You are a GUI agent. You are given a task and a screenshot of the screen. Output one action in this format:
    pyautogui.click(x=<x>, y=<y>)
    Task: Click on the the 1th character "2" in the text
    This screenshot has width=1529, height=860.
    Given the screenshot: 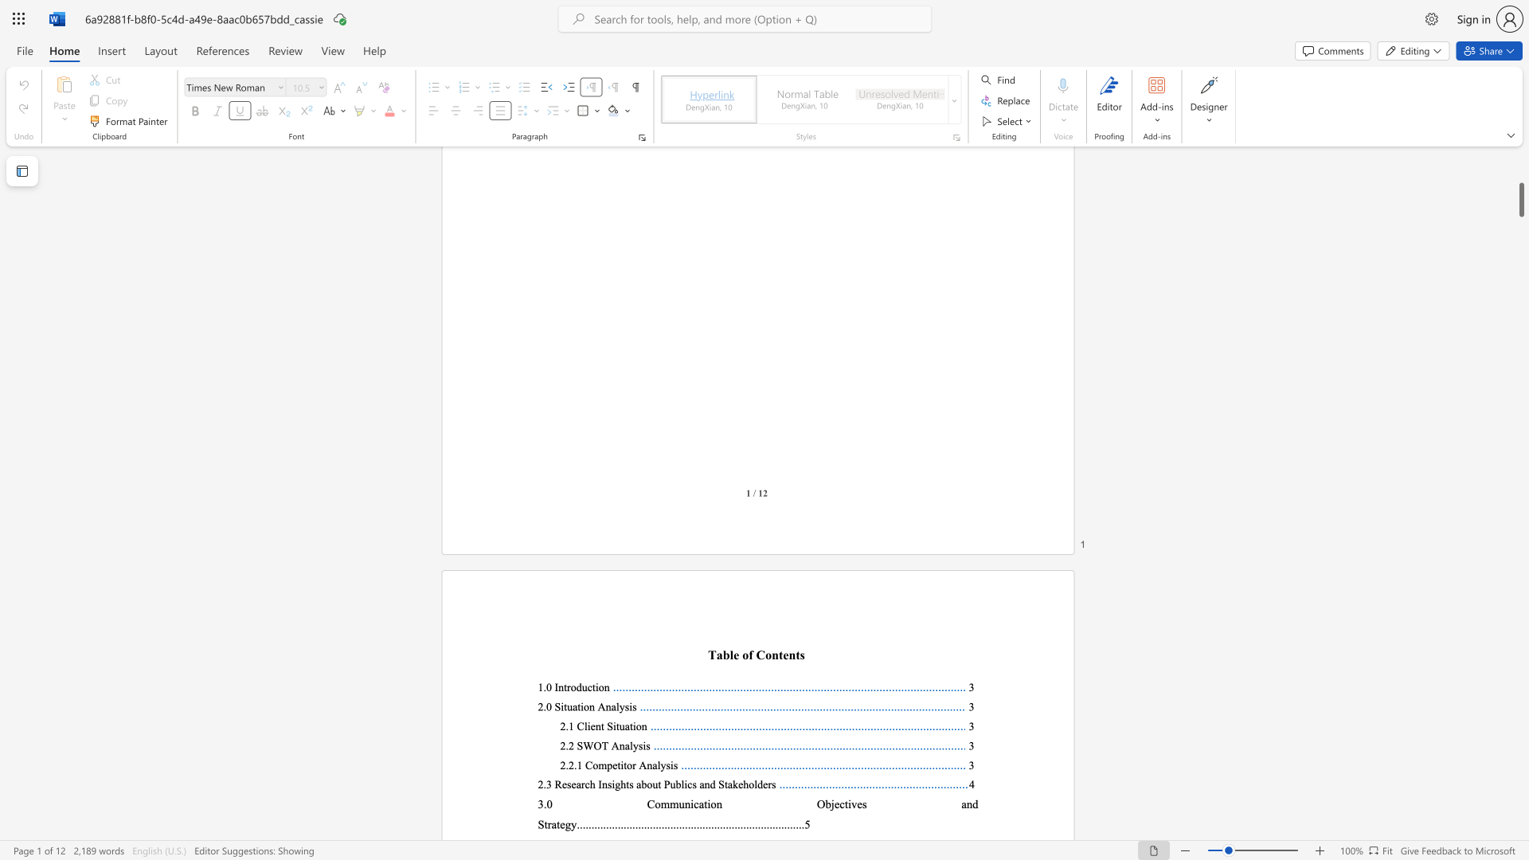 What is the action you would take?
    pyautogui.click(x=562, y=745)
    